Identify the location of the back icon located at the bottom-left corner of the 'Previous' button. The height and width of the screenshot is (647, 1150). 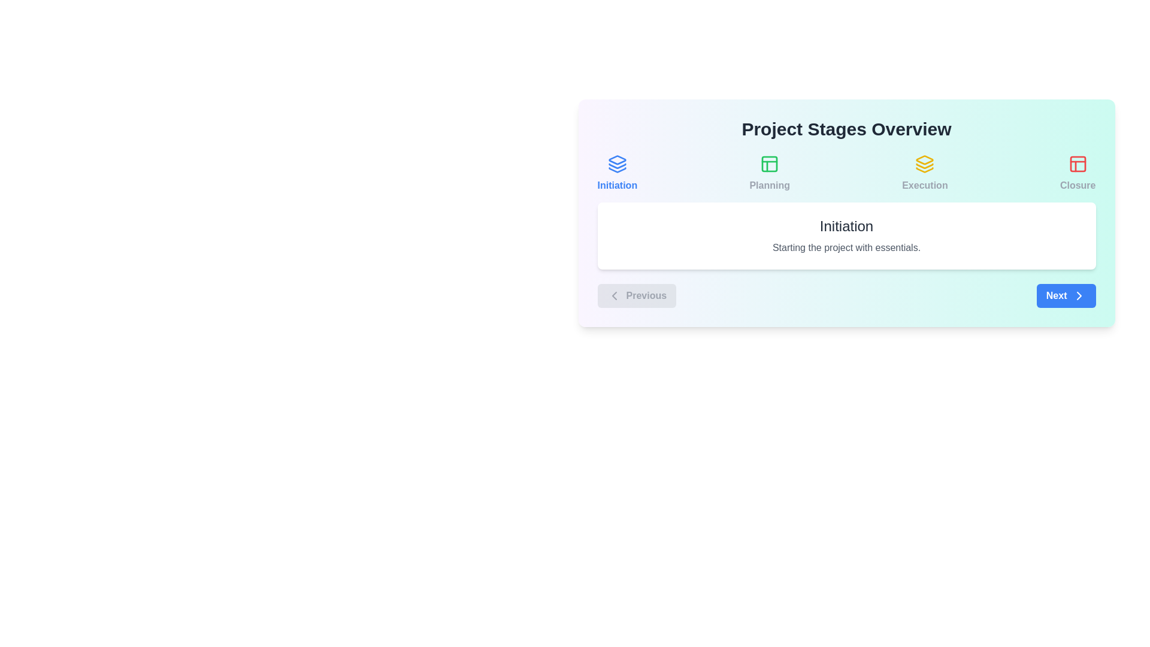
(614, 295).